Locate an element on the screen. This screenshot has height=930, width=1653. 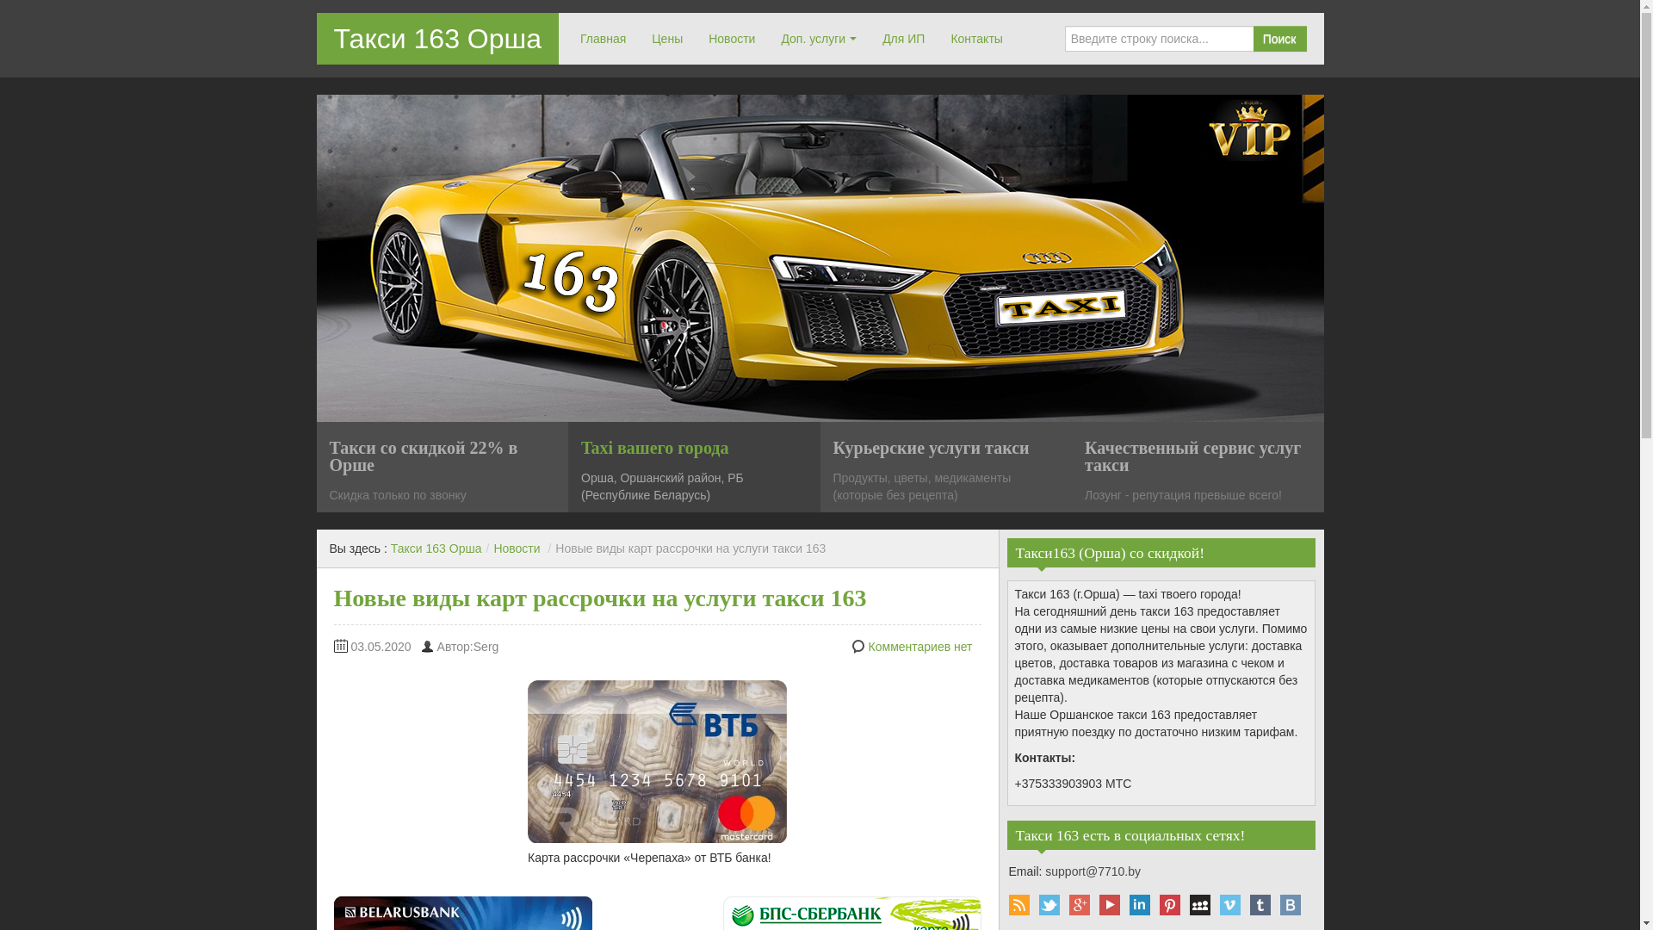
'Google Plus' is located at coordinates (1078, 902).